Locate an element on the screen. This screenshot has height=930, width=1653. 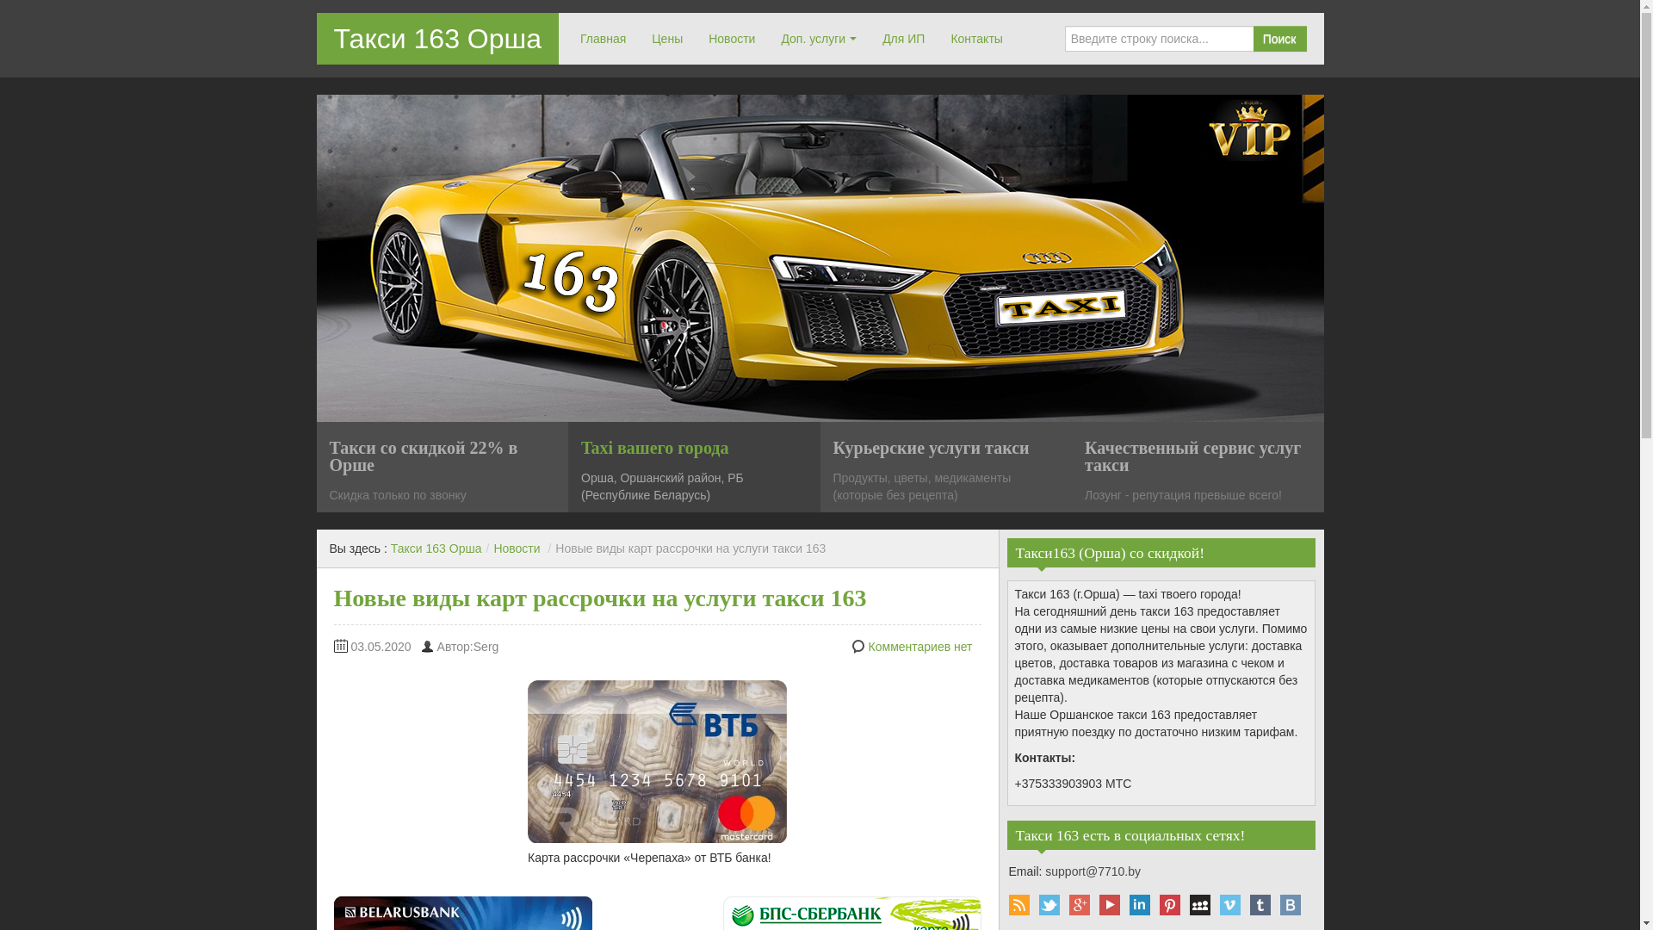
'Google Plus' is located at coordinates (1078, 902).